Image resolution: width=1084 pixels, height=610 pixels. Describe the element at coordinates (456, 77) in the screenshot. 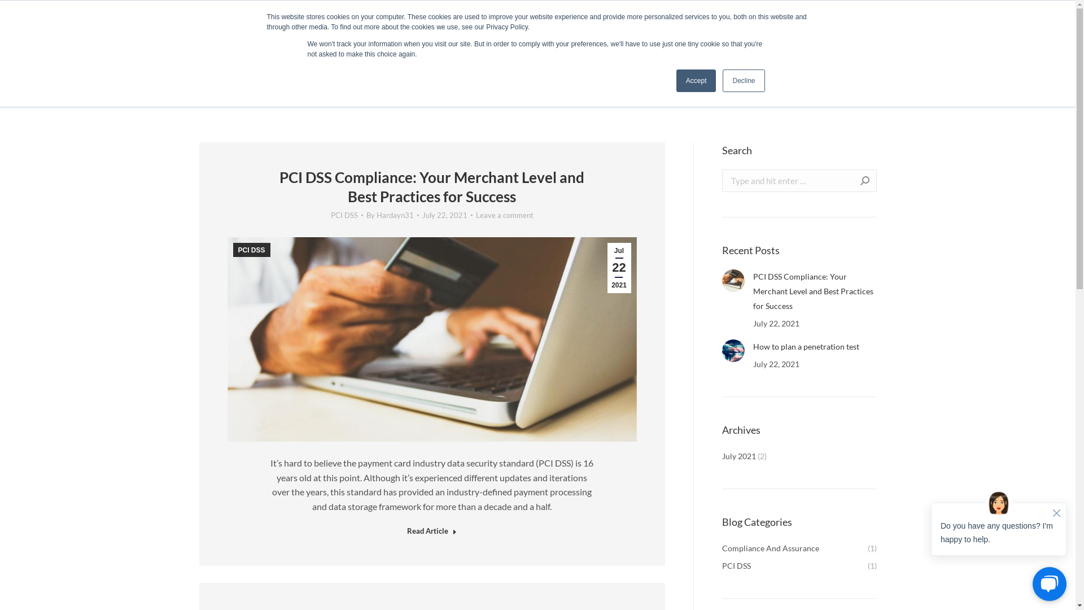

I see `'Security & Compliance` at that location.